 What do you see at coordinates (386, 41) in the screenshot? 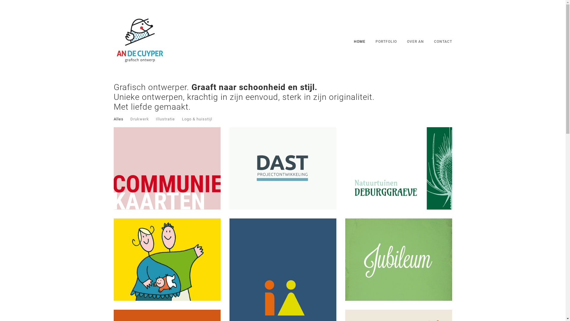
I see `'PORTFOLIO'` at bounding box center [386, 41].